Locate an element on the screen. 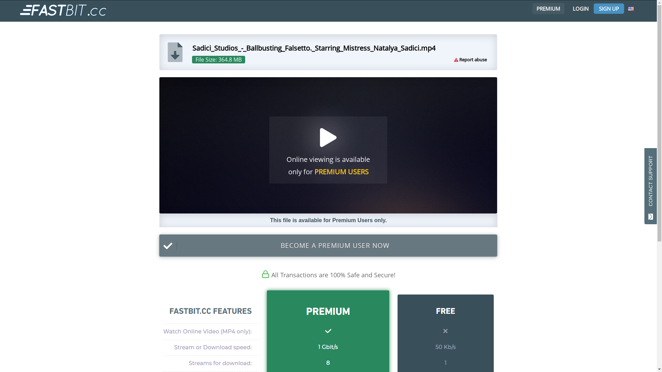 This screenshot has width=662, height=372. 'Online viewing is available is located at coordinates (328, 145).